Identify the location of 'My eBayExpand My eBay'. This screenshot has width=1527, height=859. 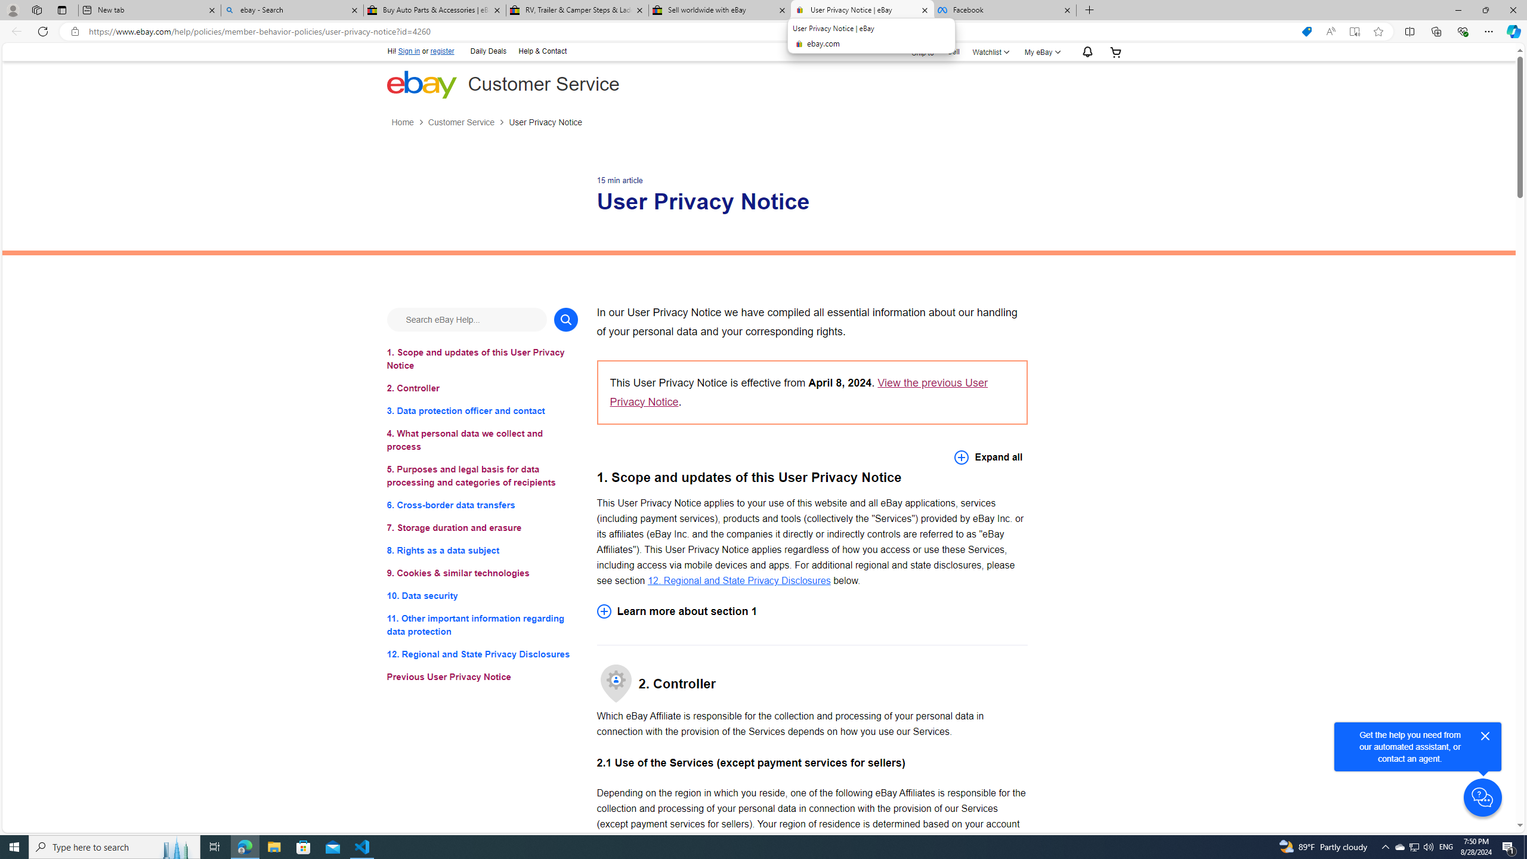
(1040, 52).